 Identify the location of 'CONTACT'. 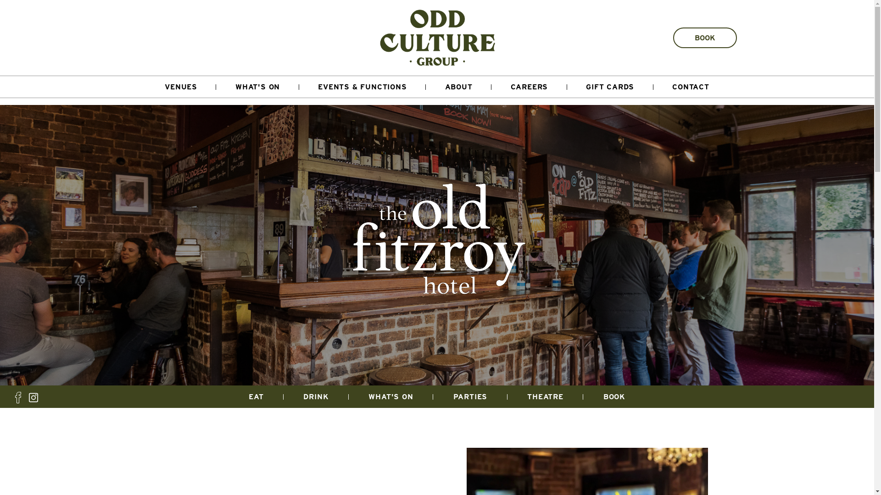
(691, 87).